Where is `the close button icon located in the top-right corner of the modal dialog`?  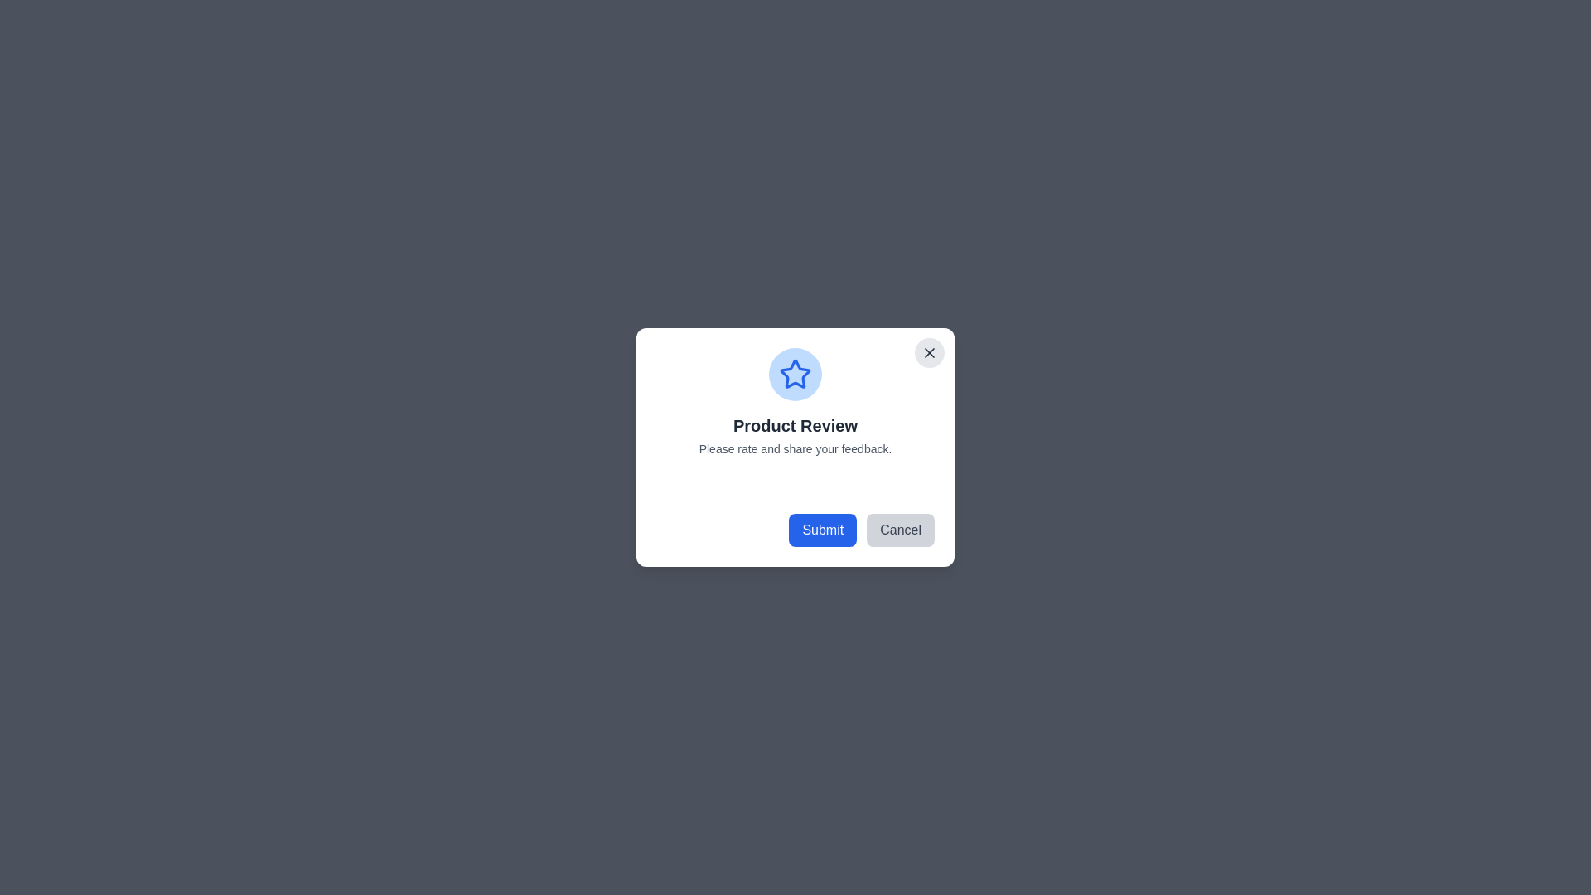 the close button icon located in the top-right corner of the modal dialog is located at coordinates (930, 351).